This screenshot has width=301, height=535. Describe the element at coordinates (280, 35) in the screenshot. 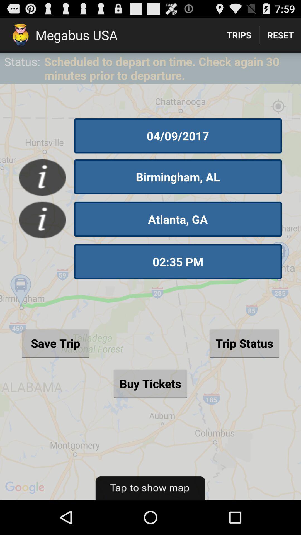

I see `reset icon` at that location.